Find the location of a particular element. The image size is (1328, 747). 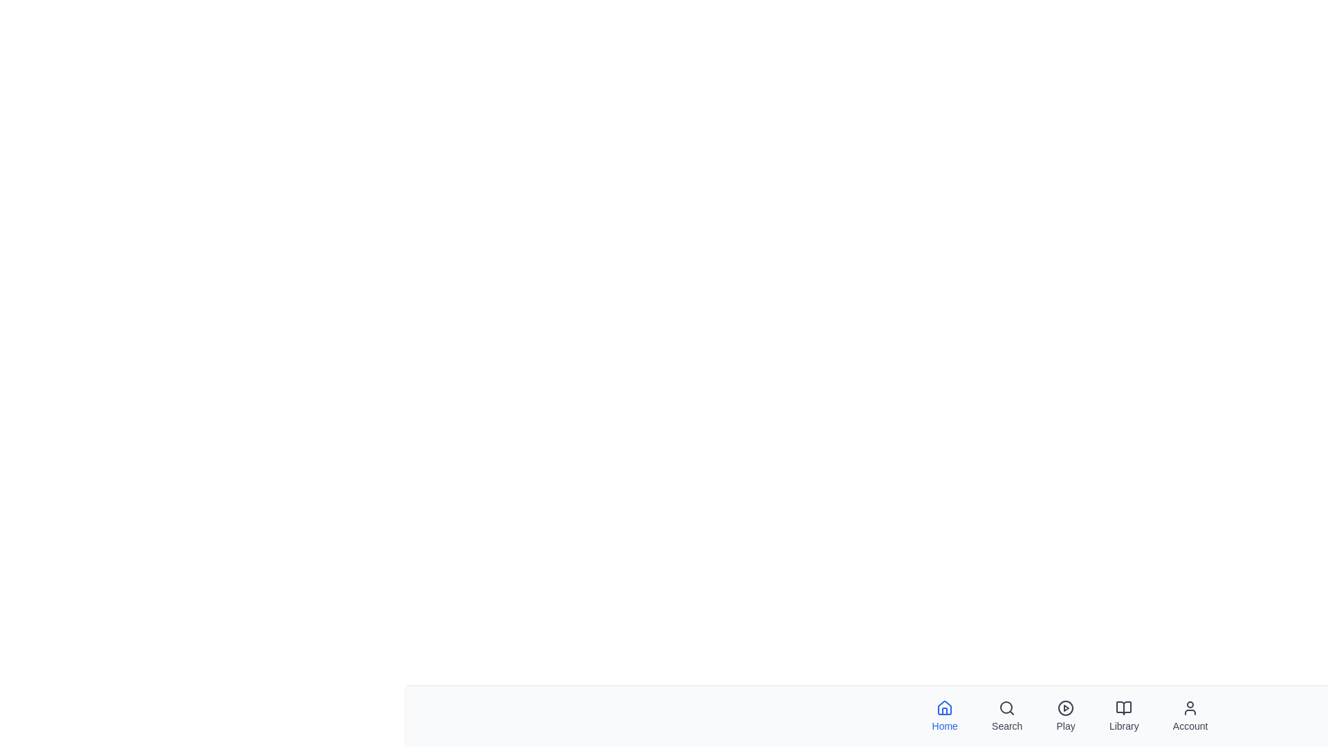

the Library tab in the bottom navigation bar is located at coordinates (1124, 716).